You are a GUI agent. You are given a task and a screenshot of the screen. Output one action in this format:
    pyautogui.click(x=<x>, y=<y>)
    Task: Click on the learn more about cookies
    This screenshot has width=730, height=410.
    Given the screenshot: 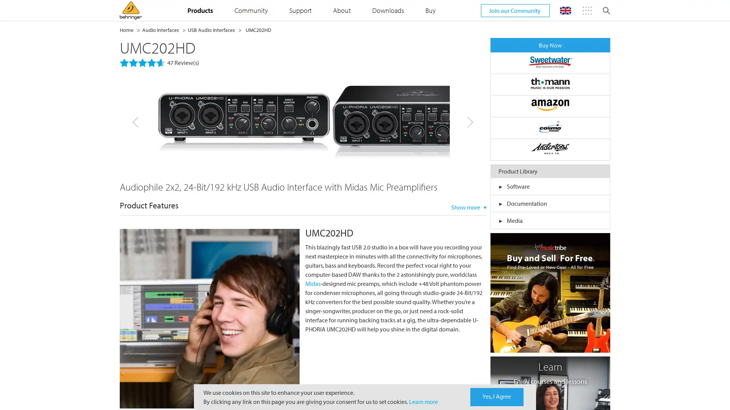 What is the action you would take?
    pyautogui.click(x=423, y=401)
    